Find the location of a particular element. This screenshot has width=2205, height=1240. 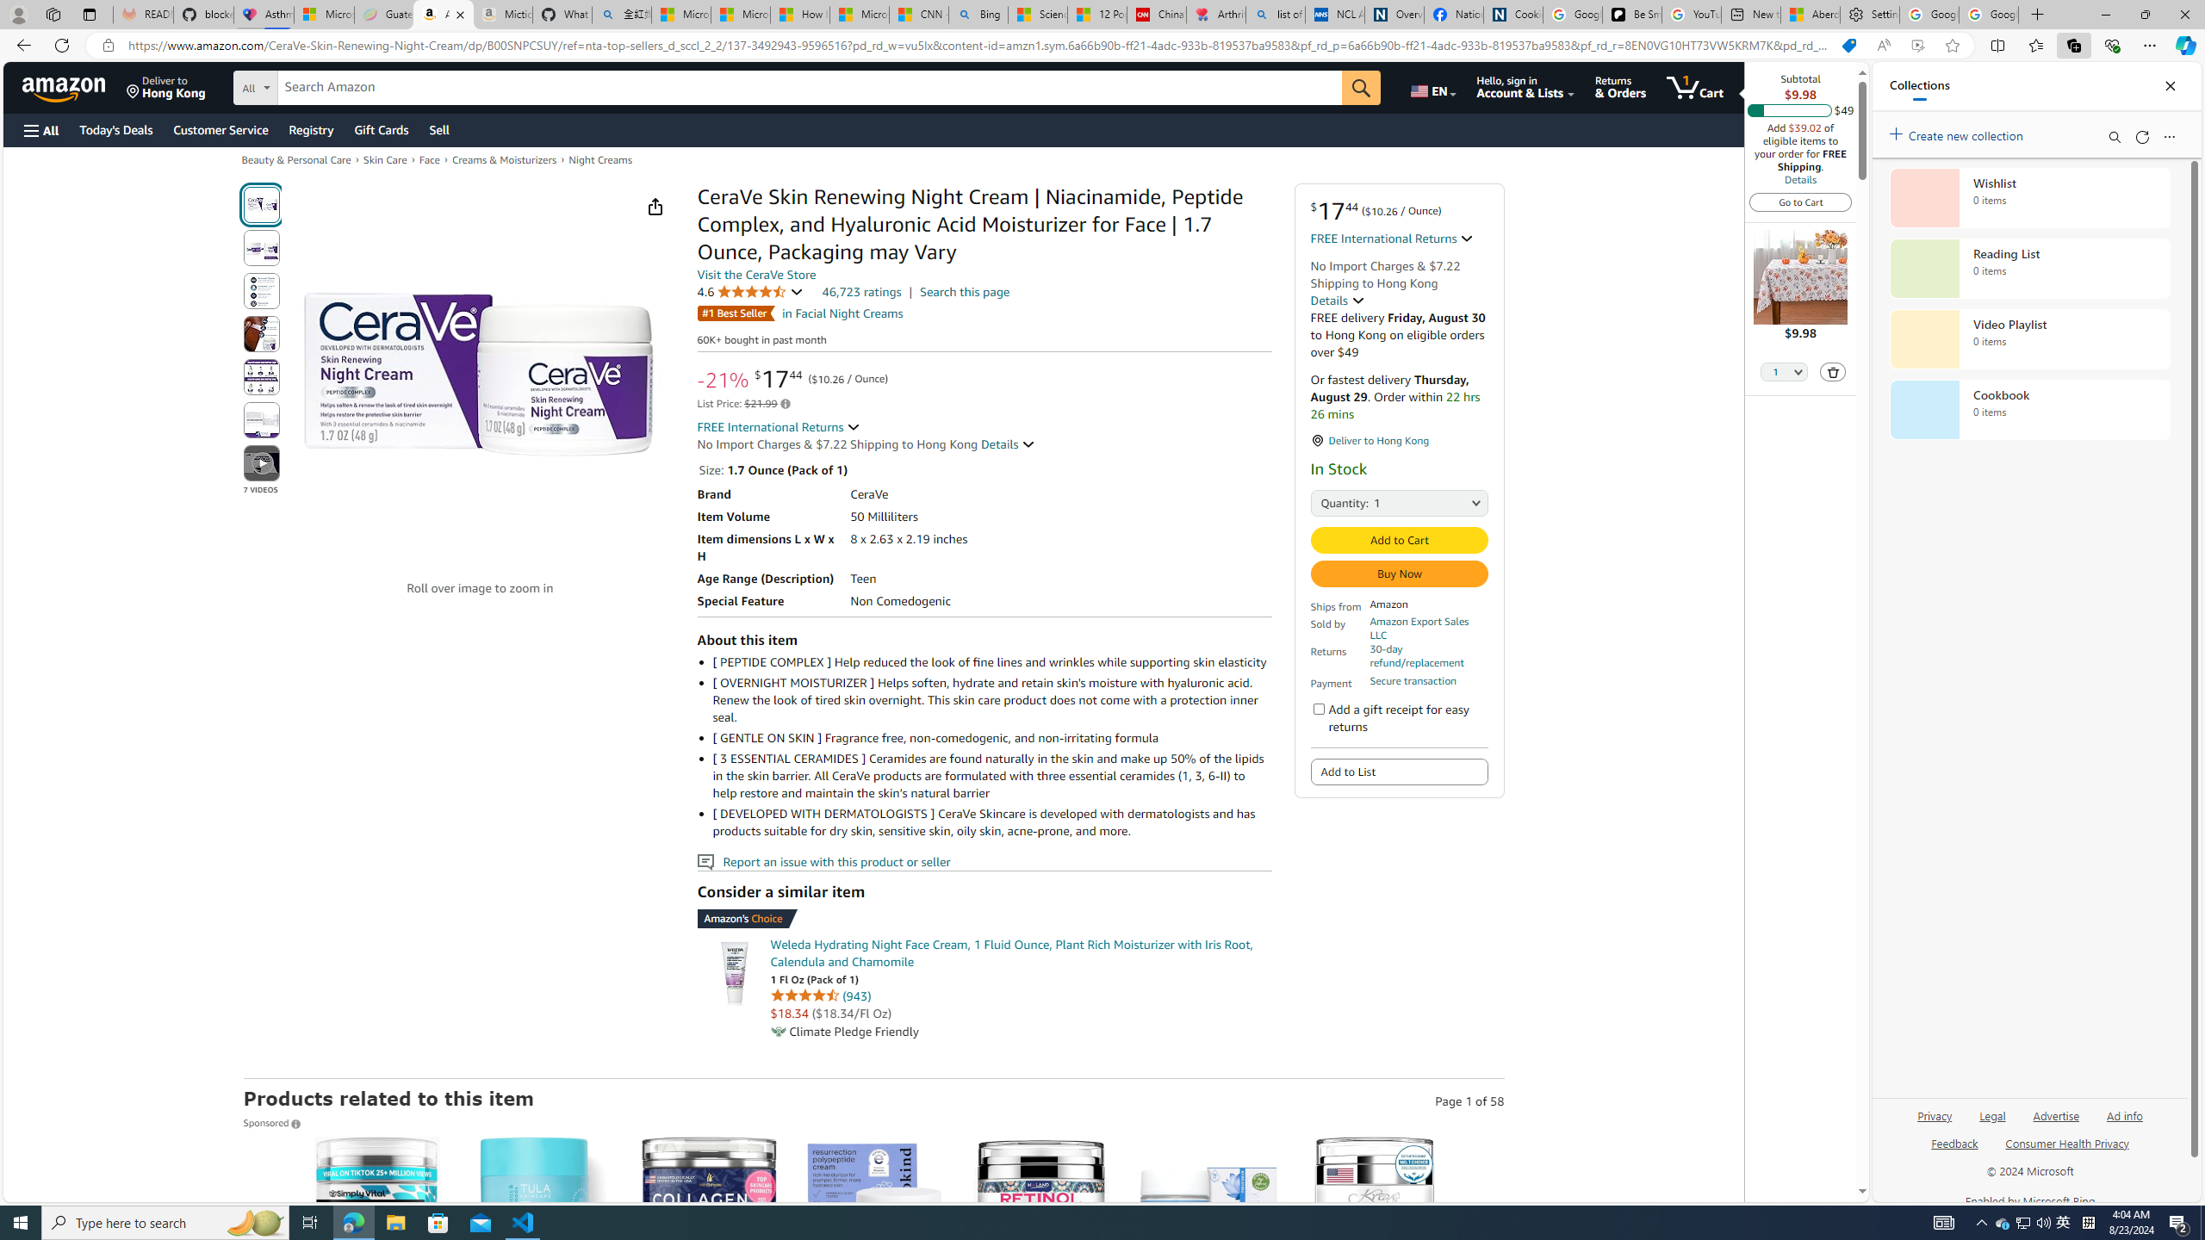

'Details ' is located at coordinates (1008, 443).